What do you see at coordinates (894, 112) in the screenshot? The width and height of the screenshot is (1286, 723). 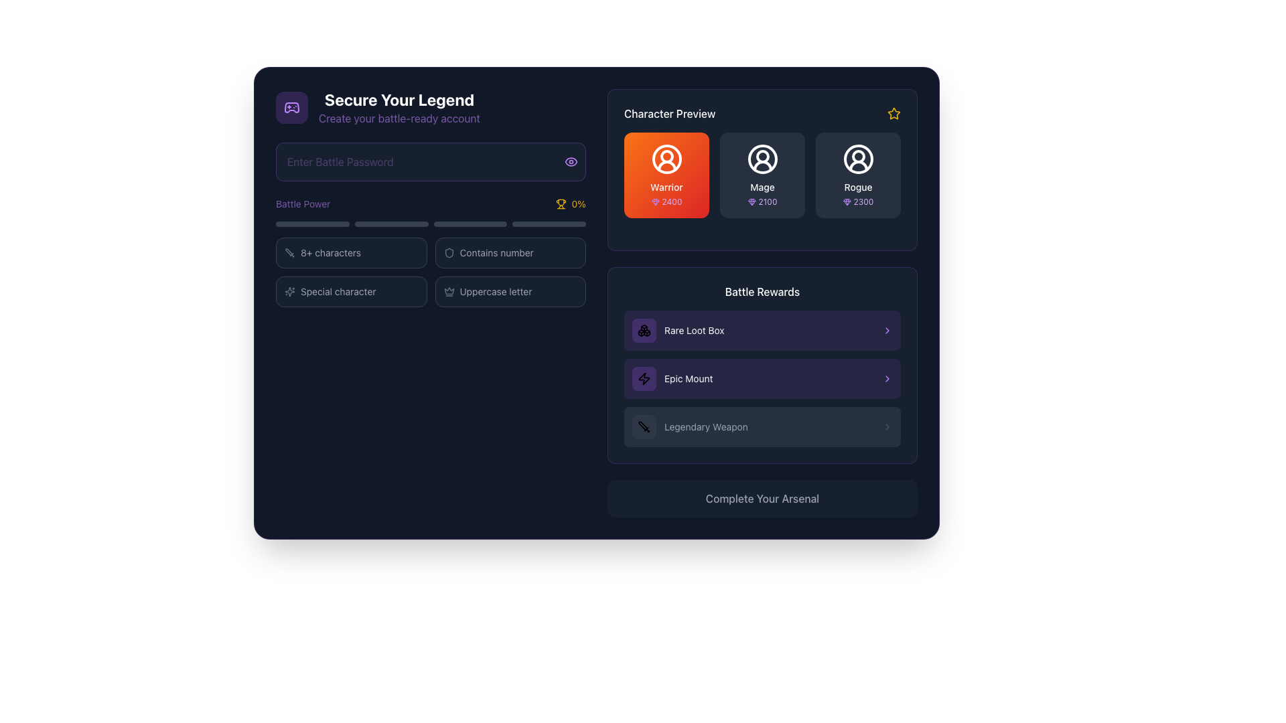 I see `the star icon with a yellow outline located at the top-right corner of the 'Character Preview' section to interact with it` at bounding box center [894, 112].